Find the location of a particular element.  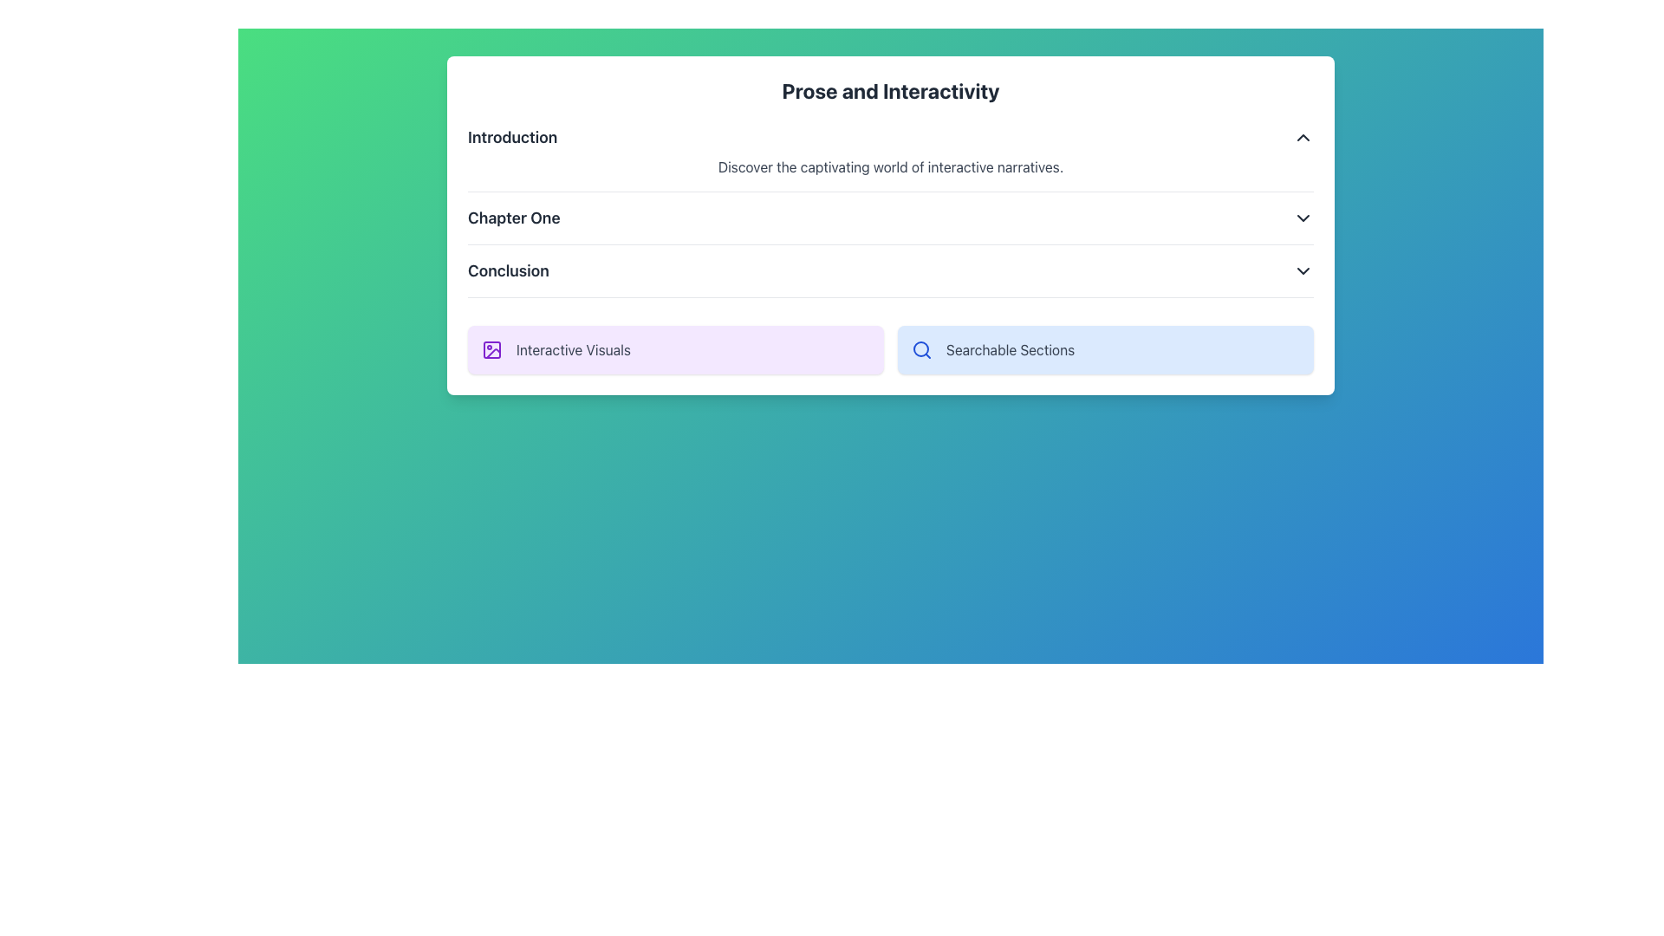

the text label displaying 'Conclusion', which is bold and larger than surrounding text, positioned as the title of the third section in the main content area is located at coordinates (507, 270).